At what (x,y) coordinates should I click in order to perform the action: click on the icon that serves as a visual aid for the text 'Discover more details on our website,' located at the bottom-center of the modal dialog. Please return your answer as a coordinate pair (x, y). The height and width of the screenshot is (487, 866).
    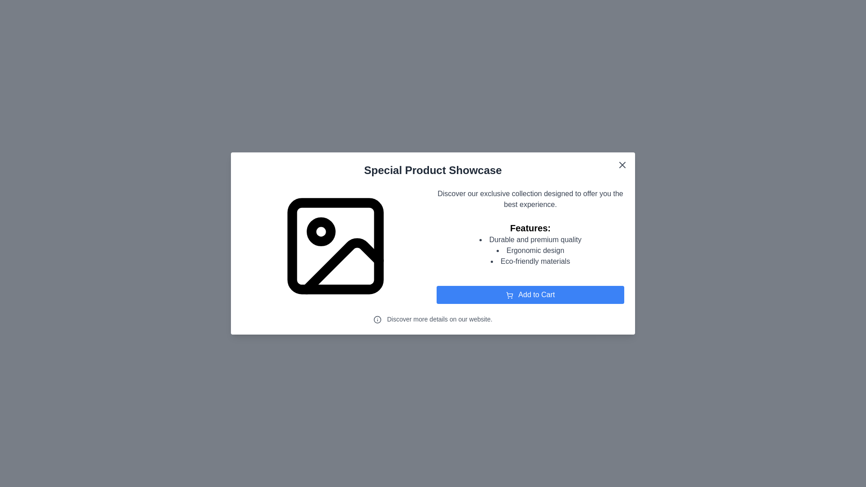
    Looking at the image, I should click on (378, 319).